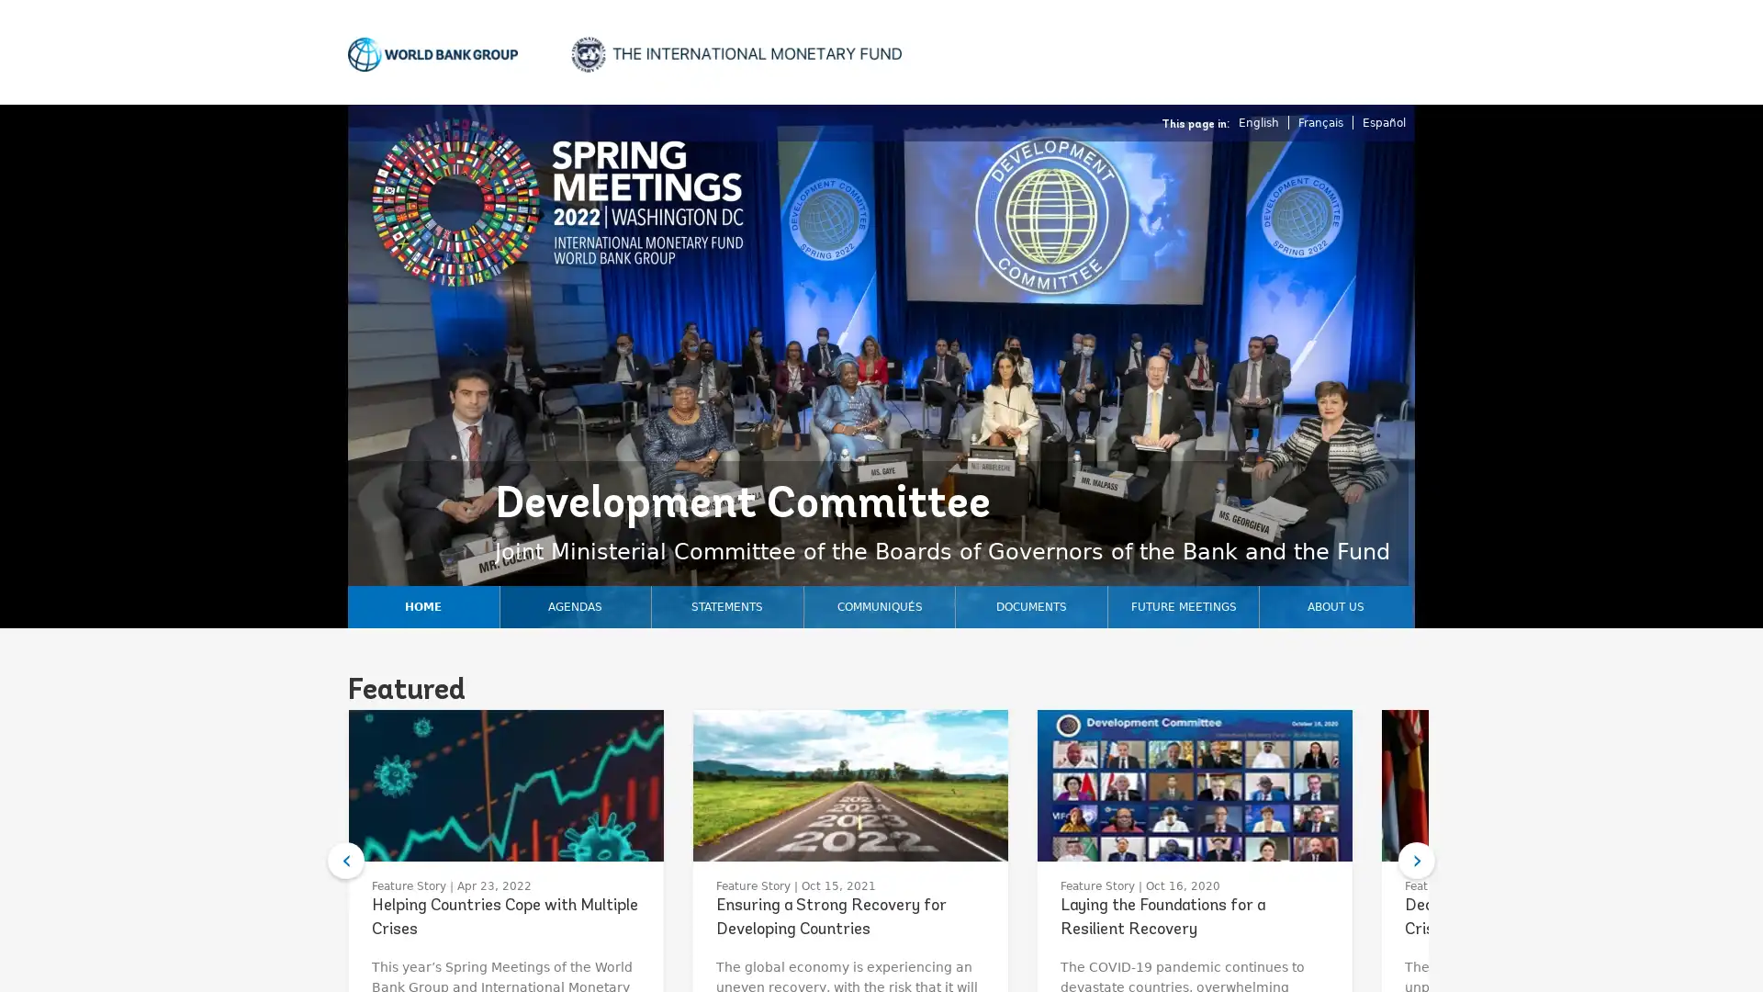 Image resolution: width=1763 pixels, height=992 pixels. Describe the element at coordinates (1415, 861) in the screenshot. I see `Next` at that location.